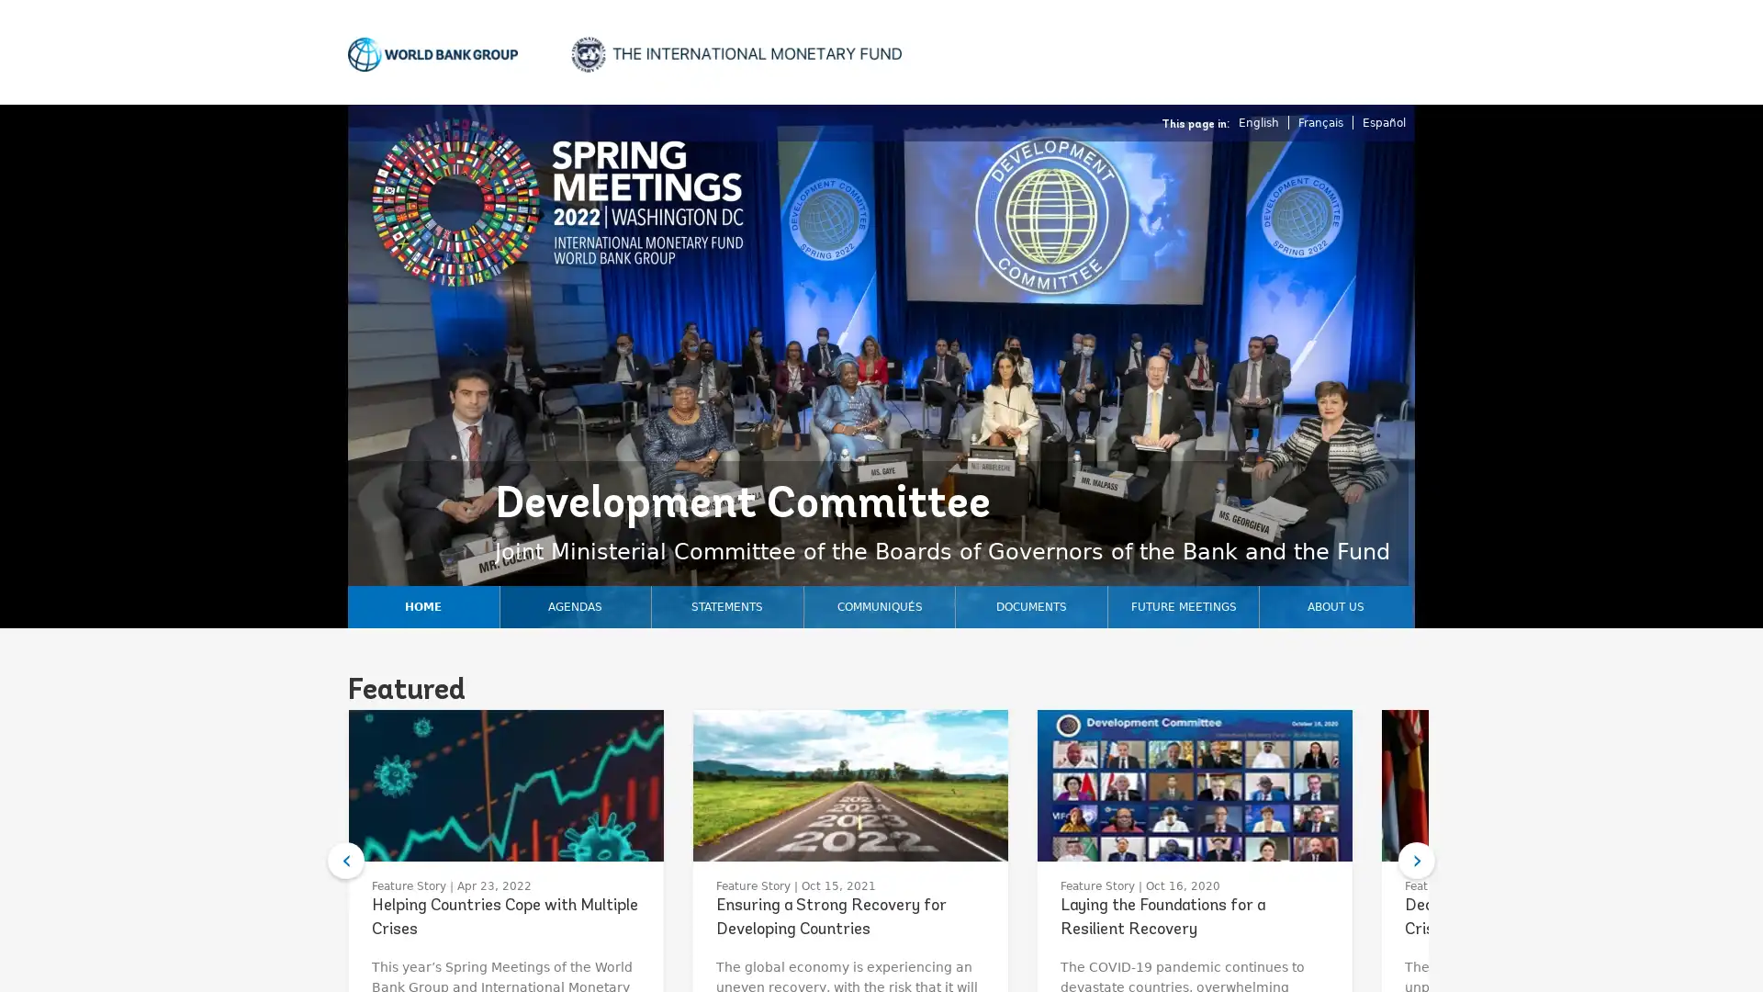 Image resolution: width=1763 pixels, height=992 pixels. Describe the element at coordinates (1415, 861) in the screenshot. I see `Next` at that location.